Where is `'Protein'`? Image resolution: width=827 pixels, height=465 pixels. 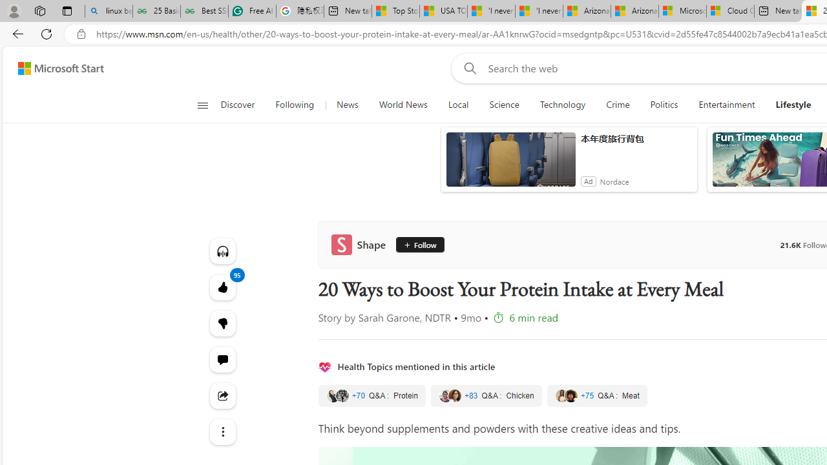 'Protein' is located at coordinates (371, 395).